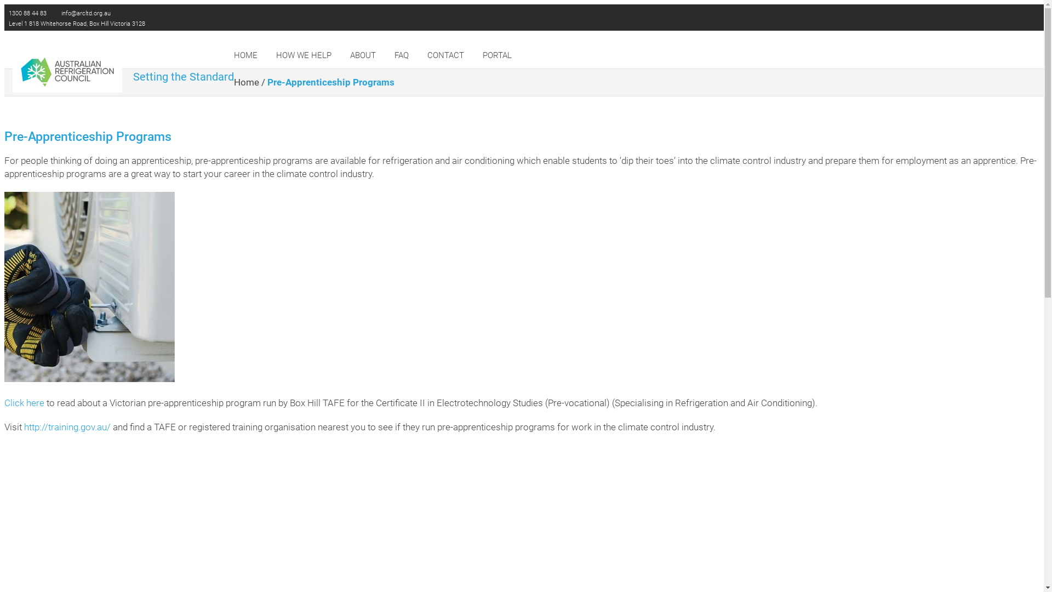  What do you see at coordinates (67, 426) in the screenshot?
I see `'http://training.gov.au/'` at bounding box center [67, 426].